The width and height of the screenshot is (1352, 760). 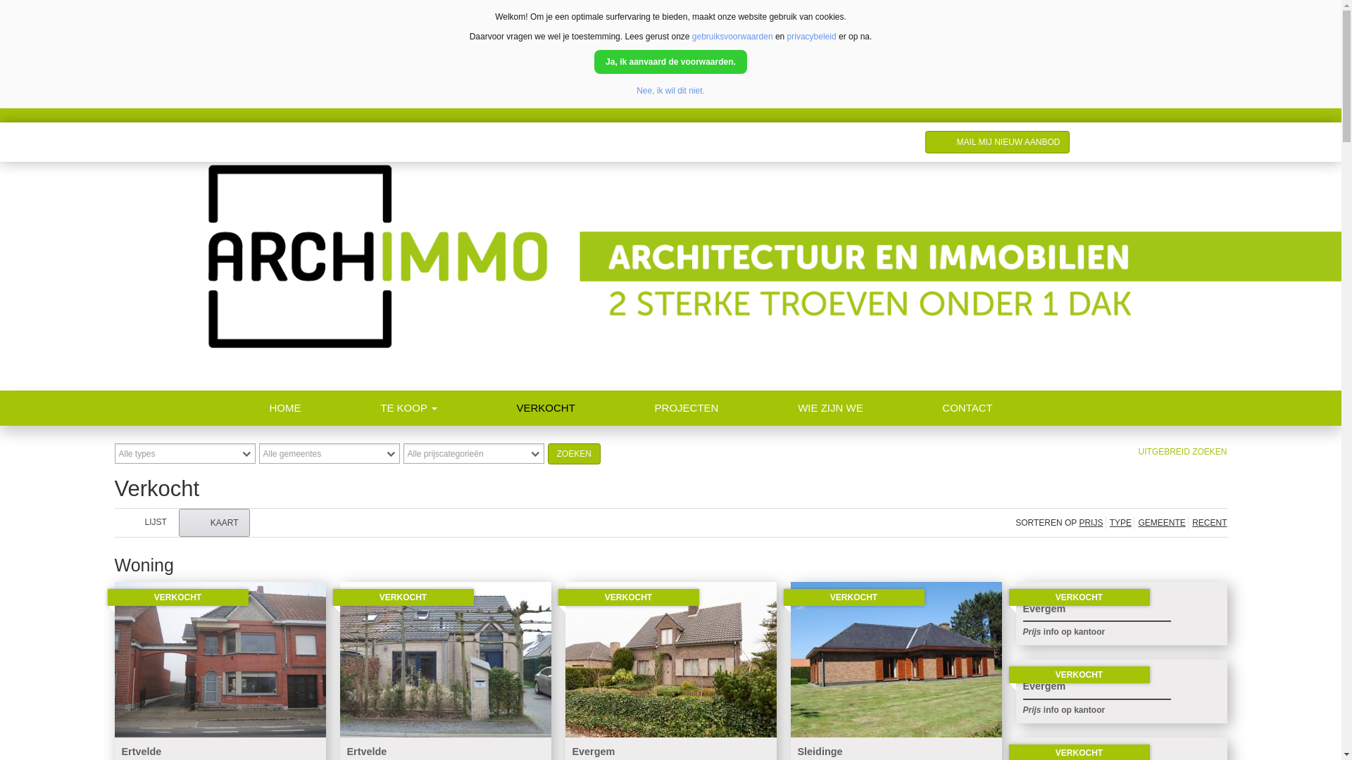 I want to click on 'PRIJS', so click(x=1090, y=523).